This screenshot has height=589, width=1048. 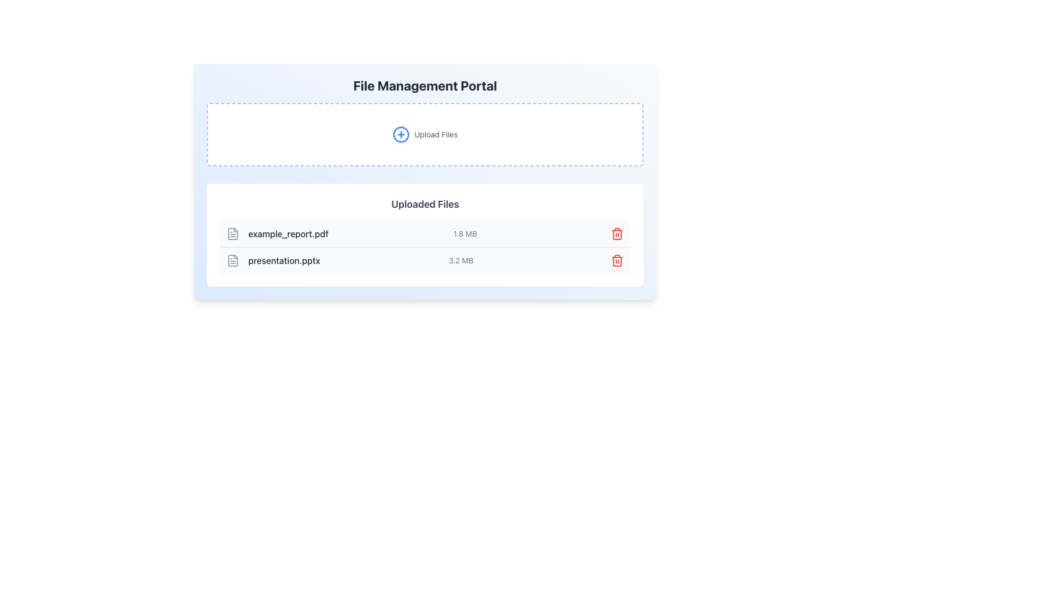 What do you see at coordinates (424, 247) in the screenshot?
I see `the file name and size in the List of File Entries located in the 'Uploaded Files' section of the File Management Portal` at bounding box center [424, 247].